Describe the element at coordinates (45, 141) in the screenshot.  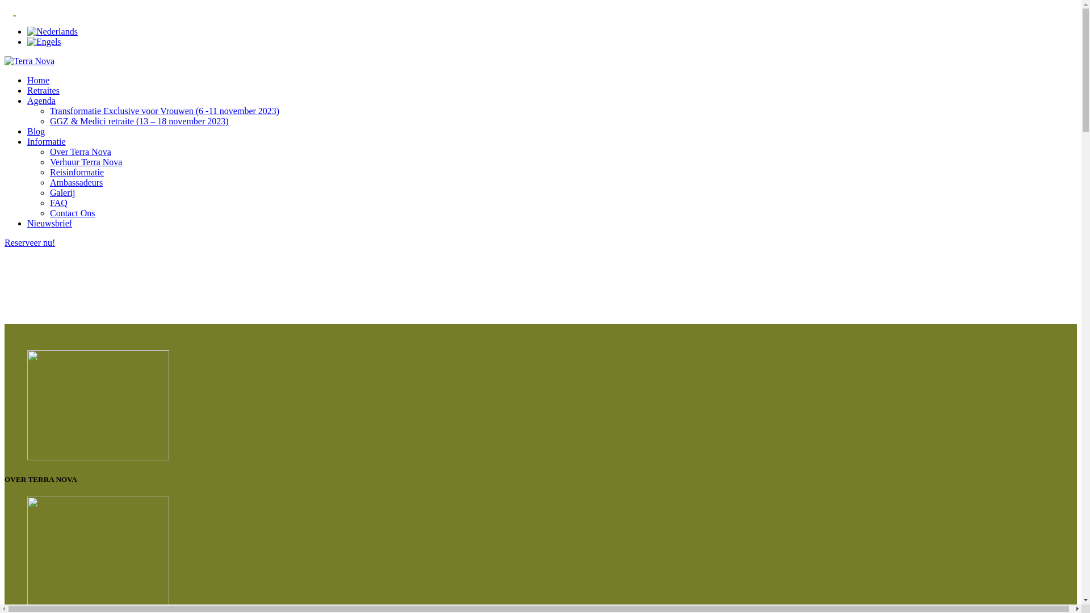
I see `'Informatie'` at that location.